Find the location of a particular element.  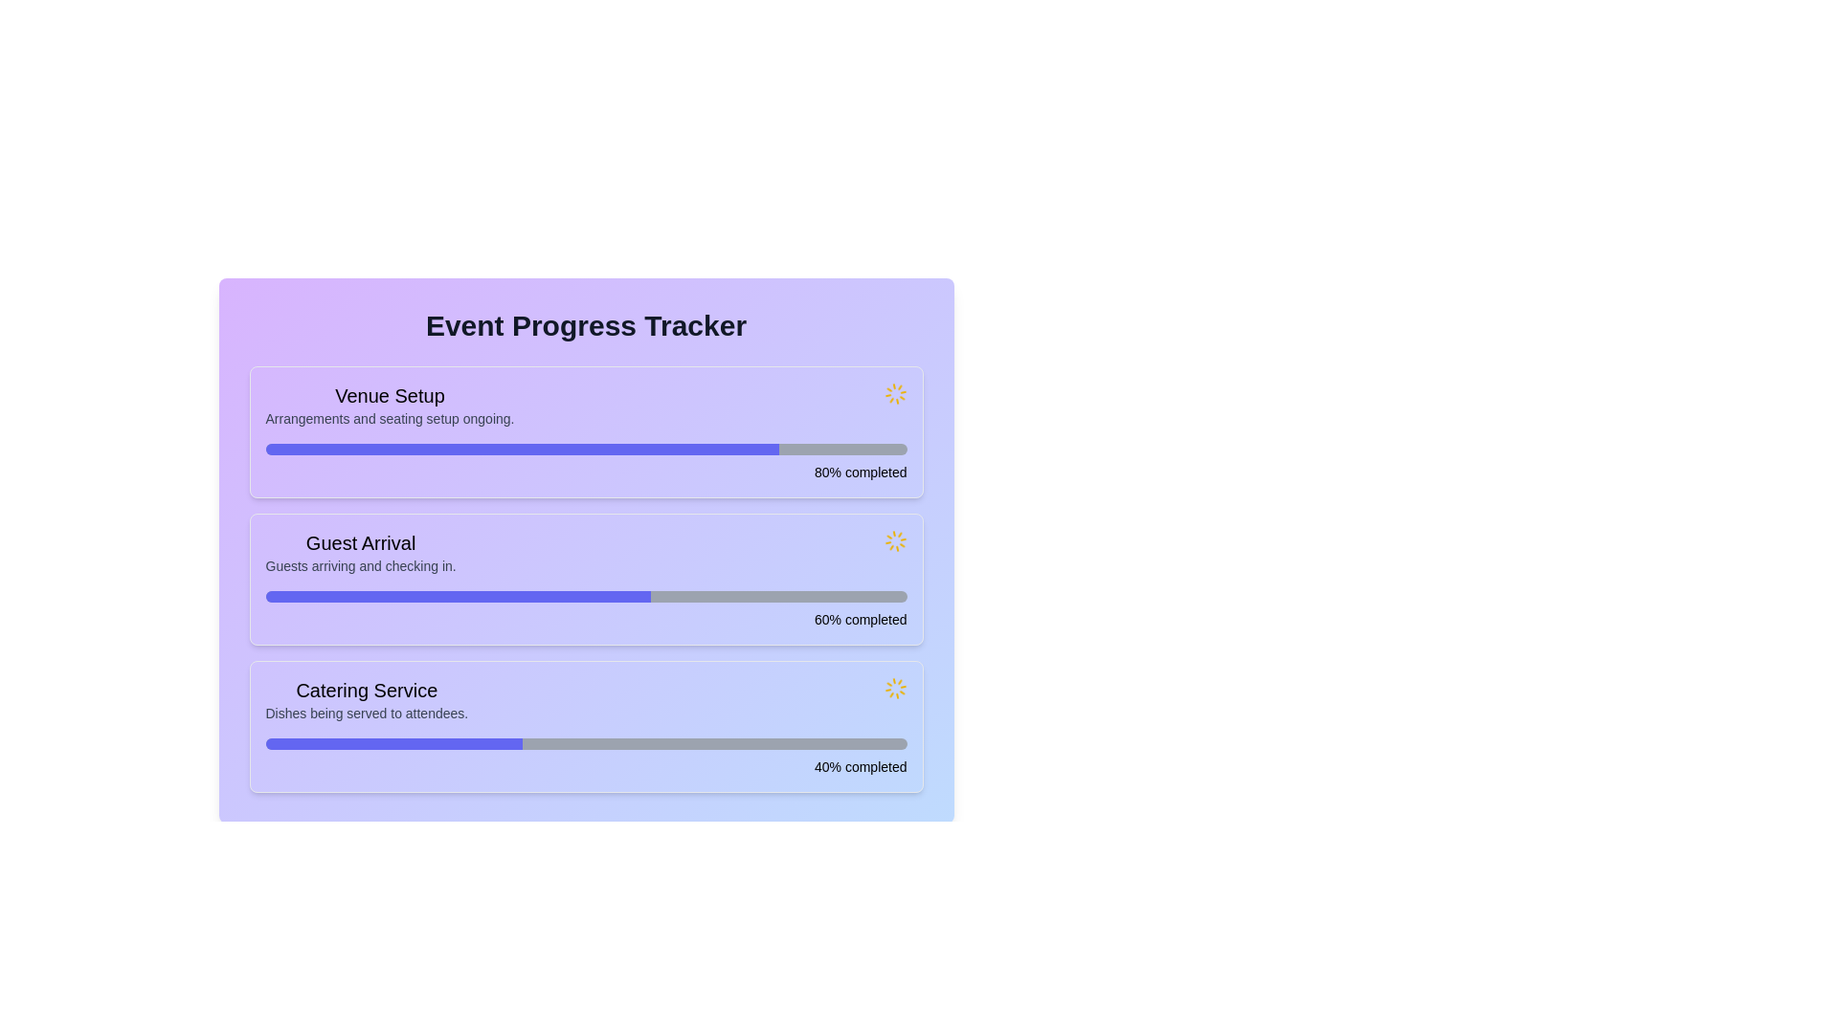

the Progress Bar indicating the completion level of the 'Venue Setup' task, which is 80% filled is located at coordinates (585, 450).